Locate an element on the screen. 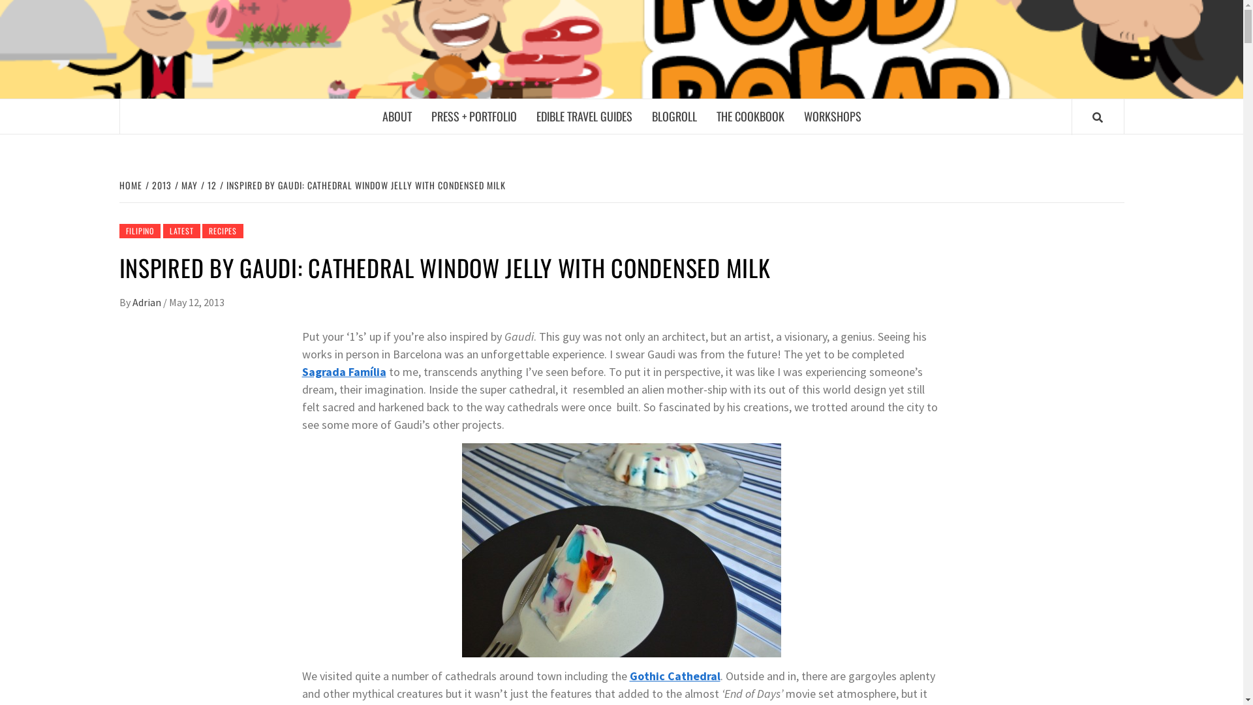  'PRESS + PORTFOLIO' is located at coordinates (473, 116).